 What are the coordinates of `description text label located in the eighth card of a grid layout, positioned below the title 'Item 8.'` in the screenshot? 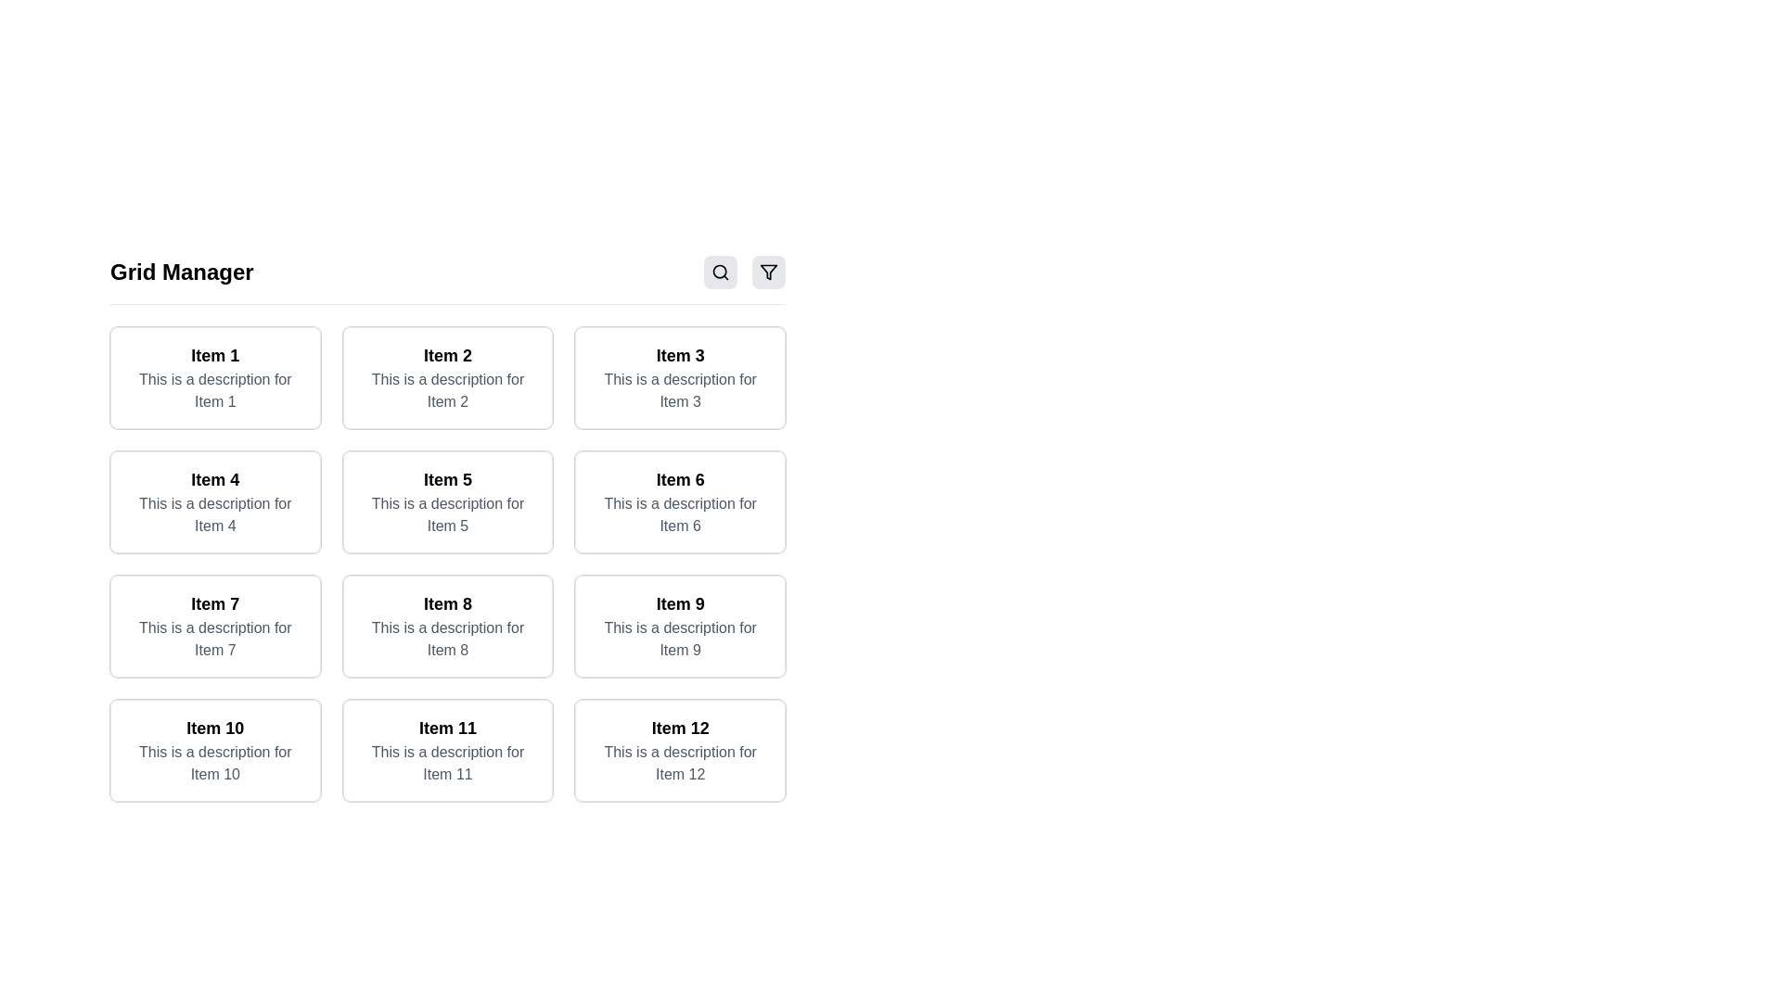 It's located at (448, 639).